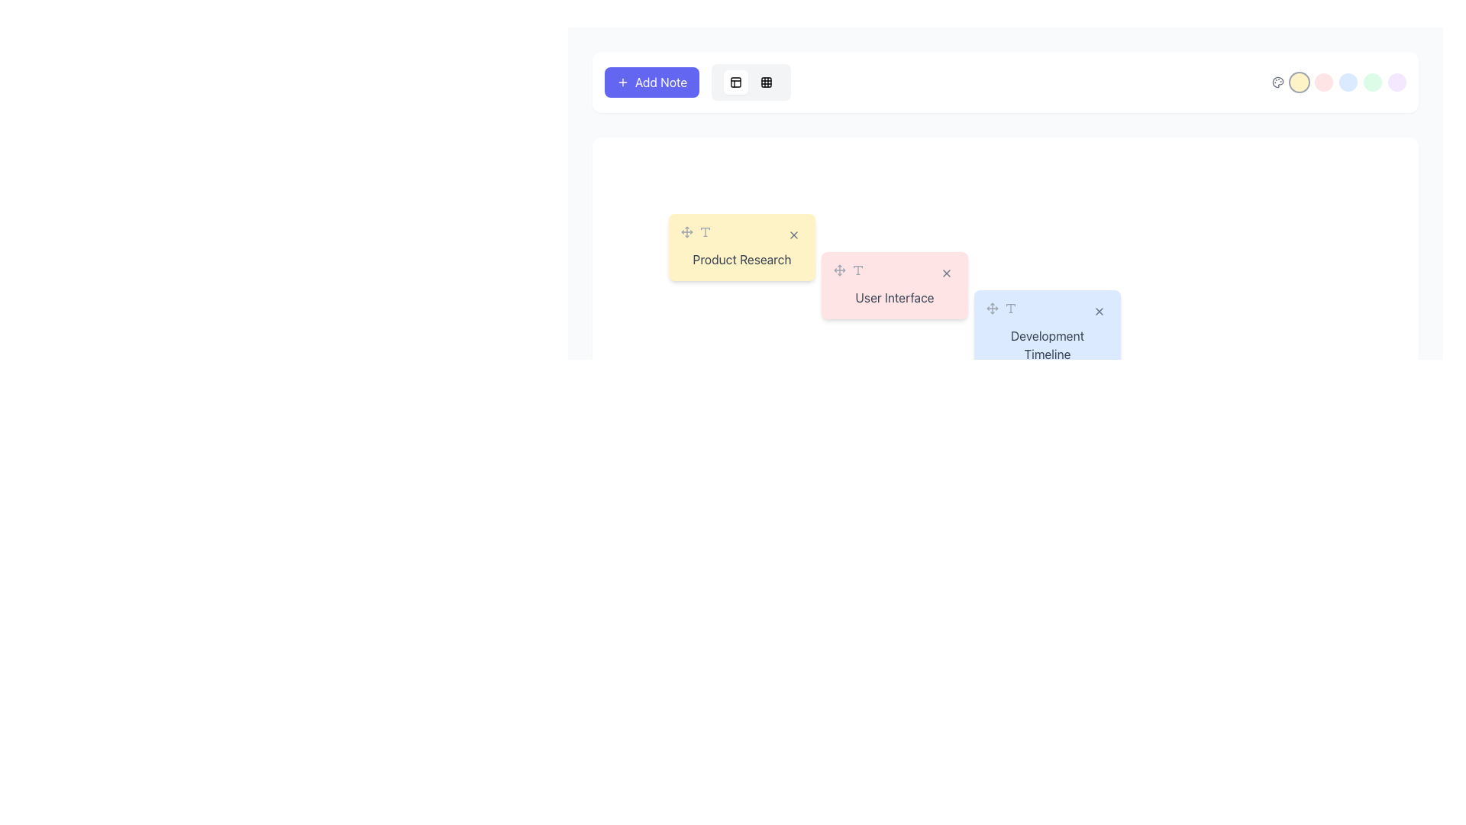  What do you see at coordinates (767, 82) in the screenshot?
I see `the 3x3 grid pattern icon in the toolbar` at bounding box center [767, 82].